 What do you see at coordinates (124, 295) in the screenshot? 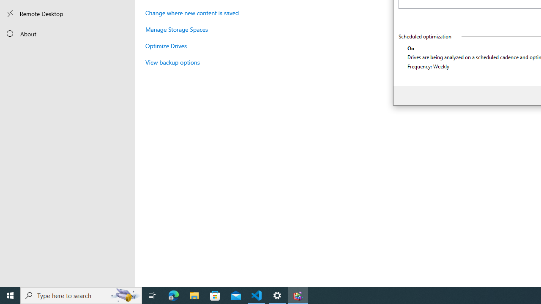
I see `'Search highlights icon opens search home window'` at bounding box center [124, 295].